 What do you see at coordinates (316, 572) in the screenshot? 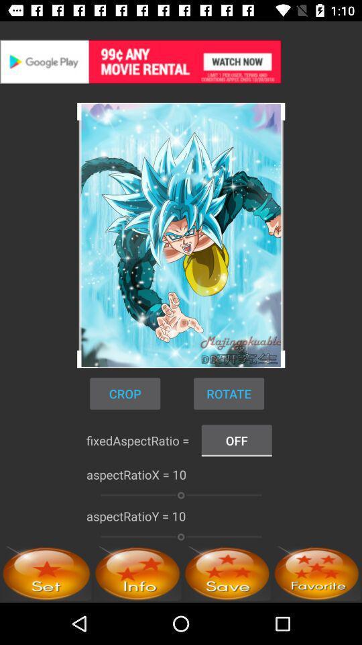
I see `check favorite` at bounding box center [316, 572].